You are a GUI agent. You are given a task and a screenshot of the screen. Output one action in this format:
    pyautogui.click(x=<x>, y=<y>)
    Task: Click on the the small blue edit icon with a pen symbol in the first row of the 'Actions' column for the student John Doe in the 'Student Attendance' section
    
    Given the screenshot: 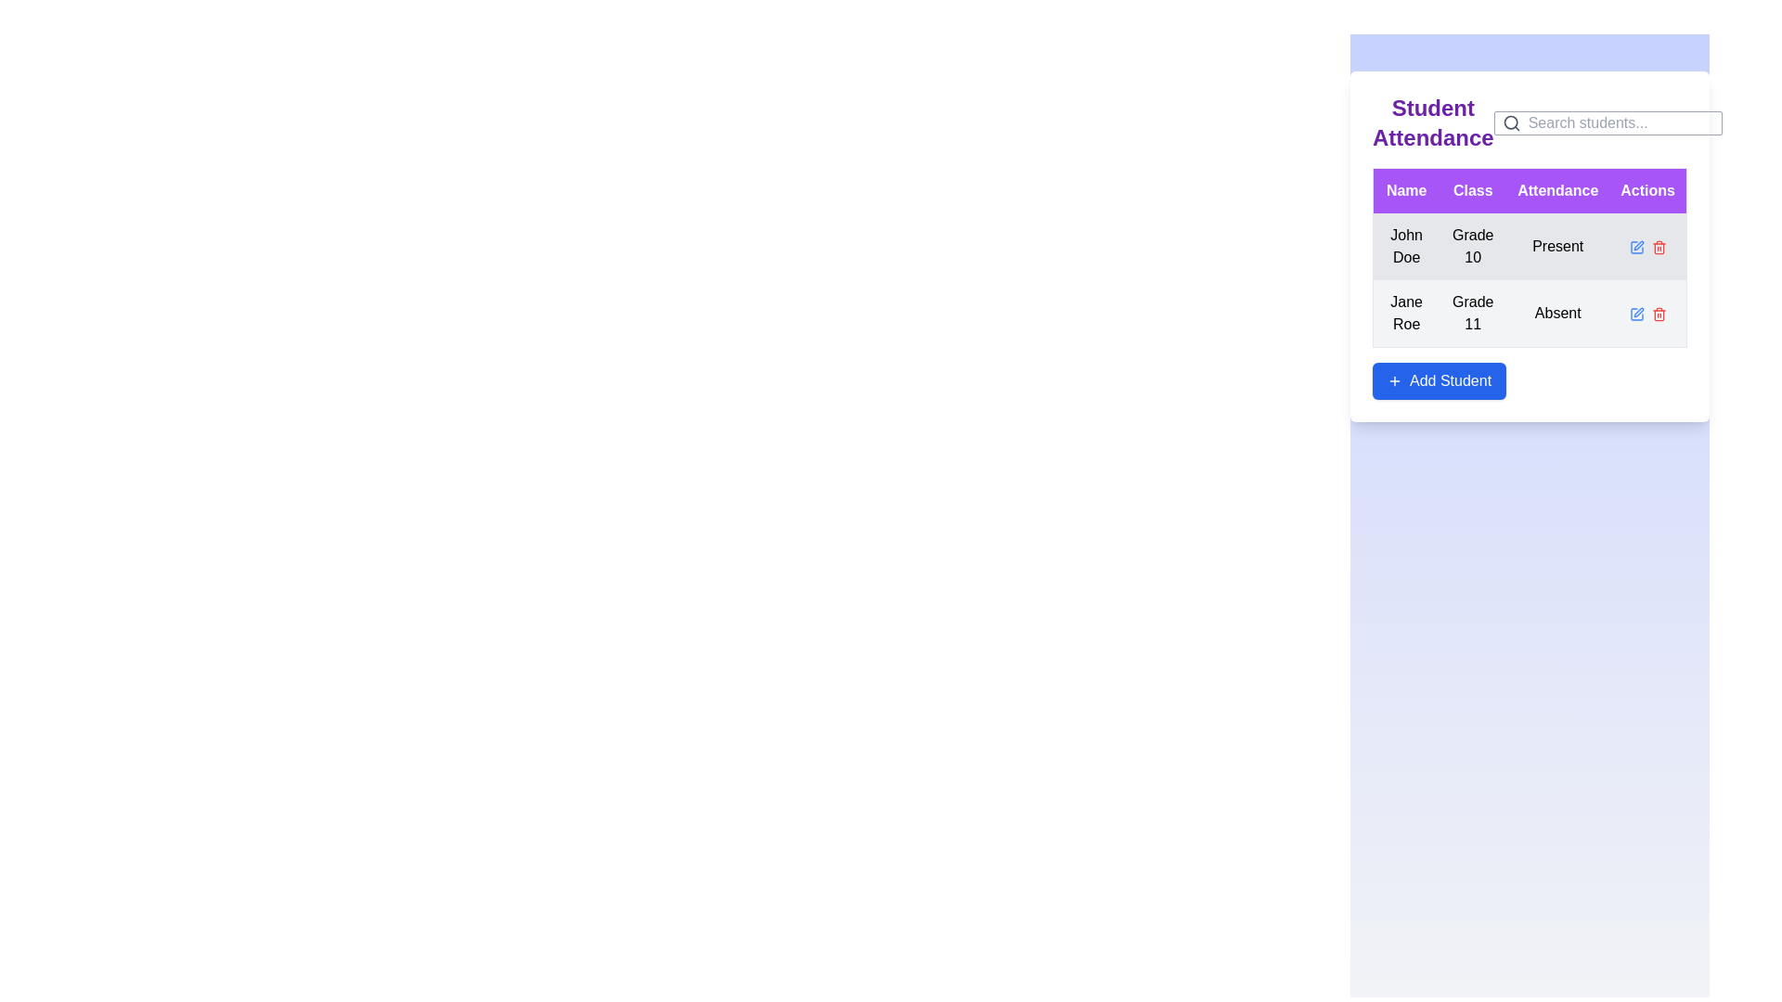 What is the action you would take?
    pyautogui.click(x=1636, y=246)
    